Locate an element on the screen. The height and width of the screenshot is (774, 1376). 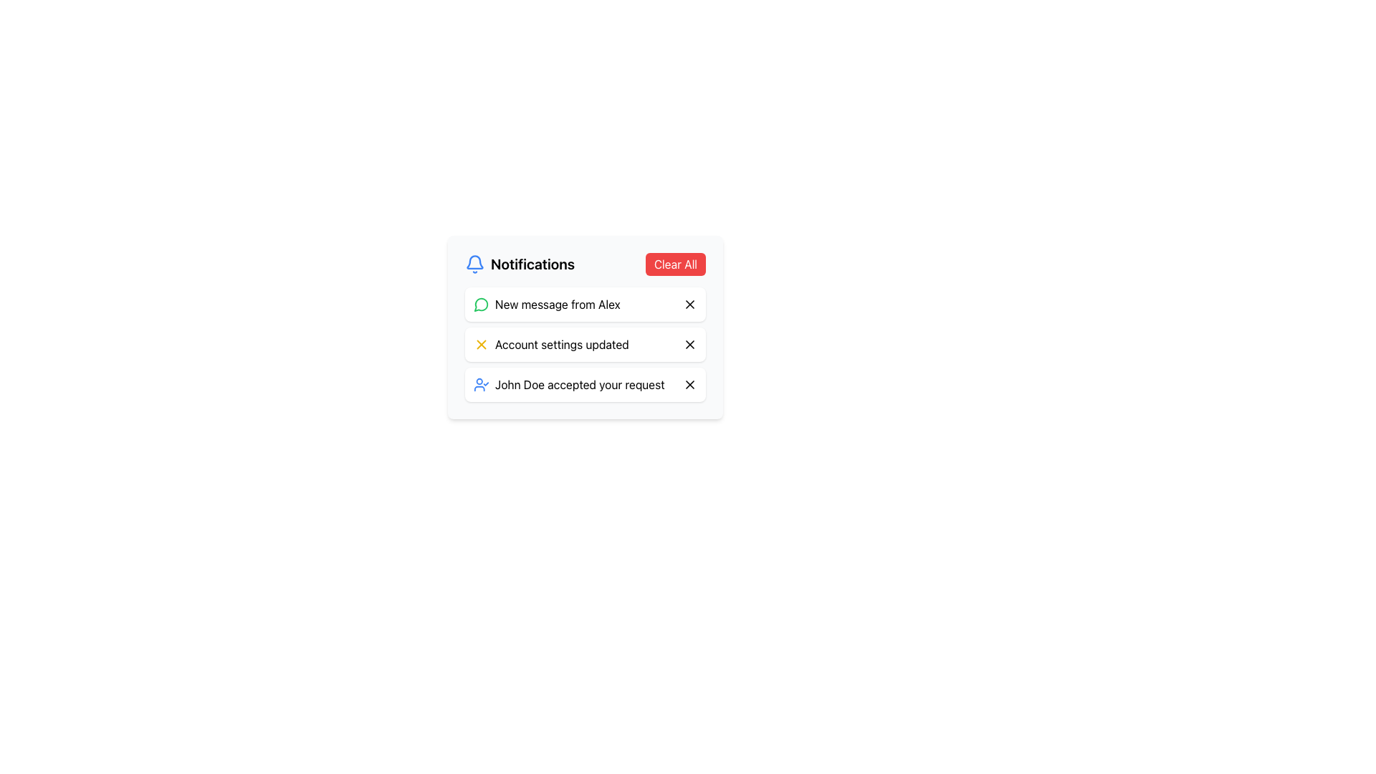
the small circular chat bubble icon filled with green hue located in the notification panel, to the left of the text 'New message from Alex' is located at coordinates (481, 304).